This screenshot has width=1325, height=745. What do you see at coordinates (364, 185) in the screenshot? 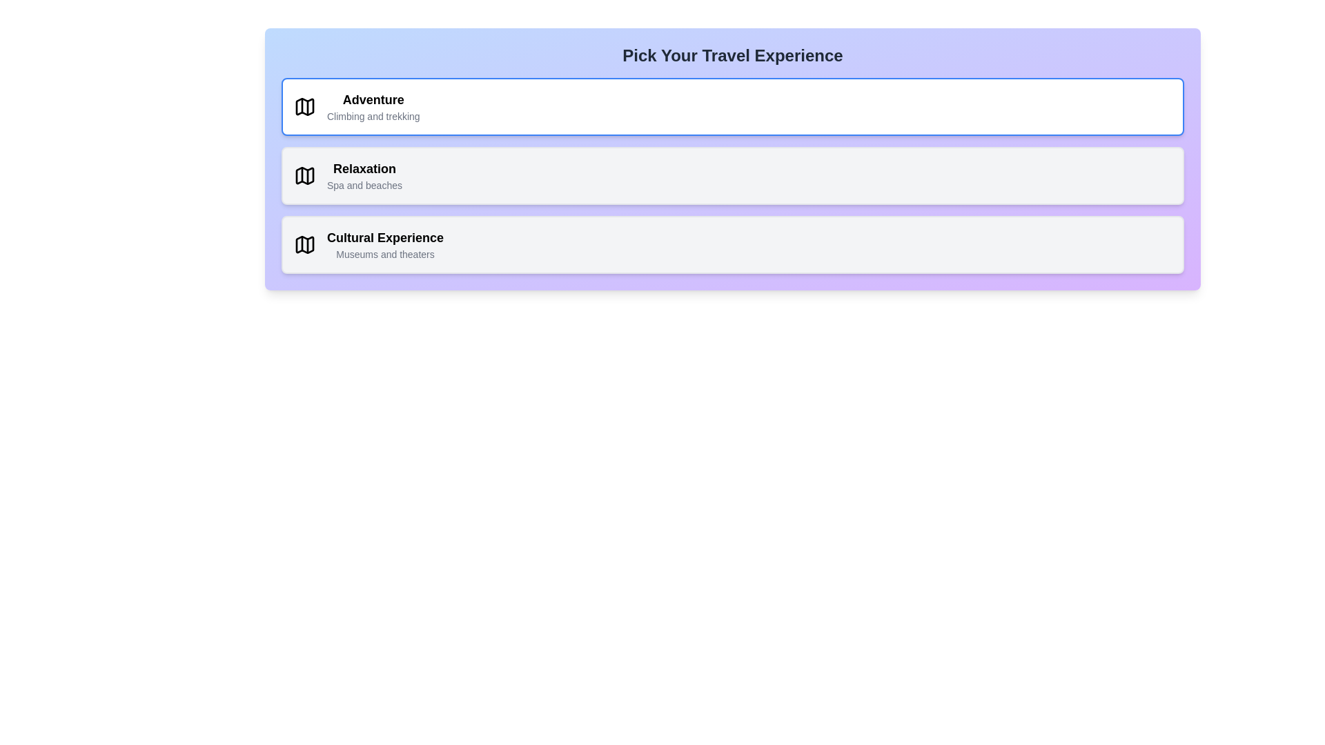
I see `the static text label indicating details about the category 'Relaxation', which is located directly below the 'Relaxation' label in the second card of the three-card layout` at bounding box center [364, 185].